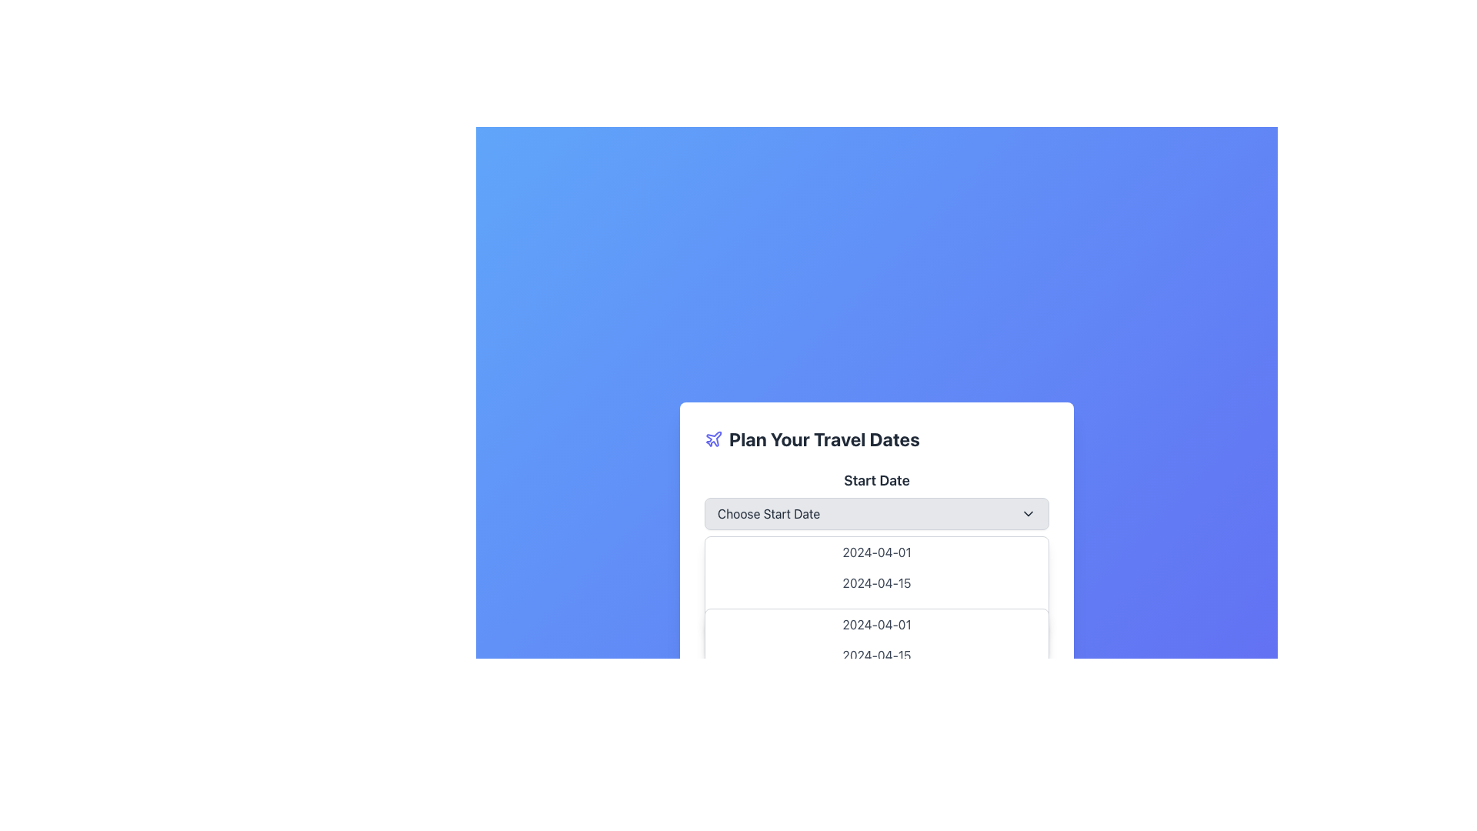  Describe the element at coordinates (877, 613) in the screenshot. I see `the third option in the date-picker dropdown` at that location.